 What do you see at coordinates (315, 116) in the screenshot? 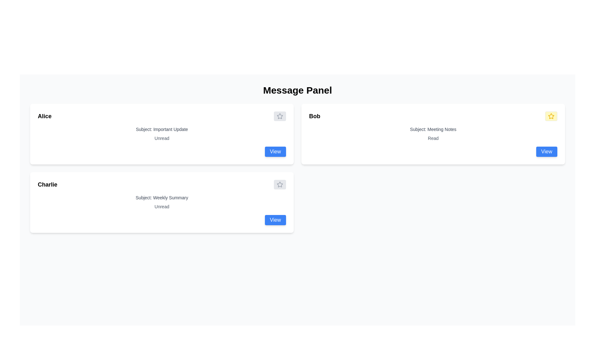
I see `the bold text label reading 'Bob' located at the leftmost section of the top-right card panel` at bounding box center [315, 116].